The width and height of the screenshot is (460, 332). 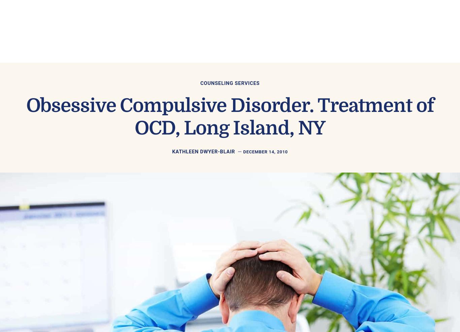 What do you see at coordinates (262, 24) in the screenshot?
I see `'Articles'` at bounding box center [262, 24].